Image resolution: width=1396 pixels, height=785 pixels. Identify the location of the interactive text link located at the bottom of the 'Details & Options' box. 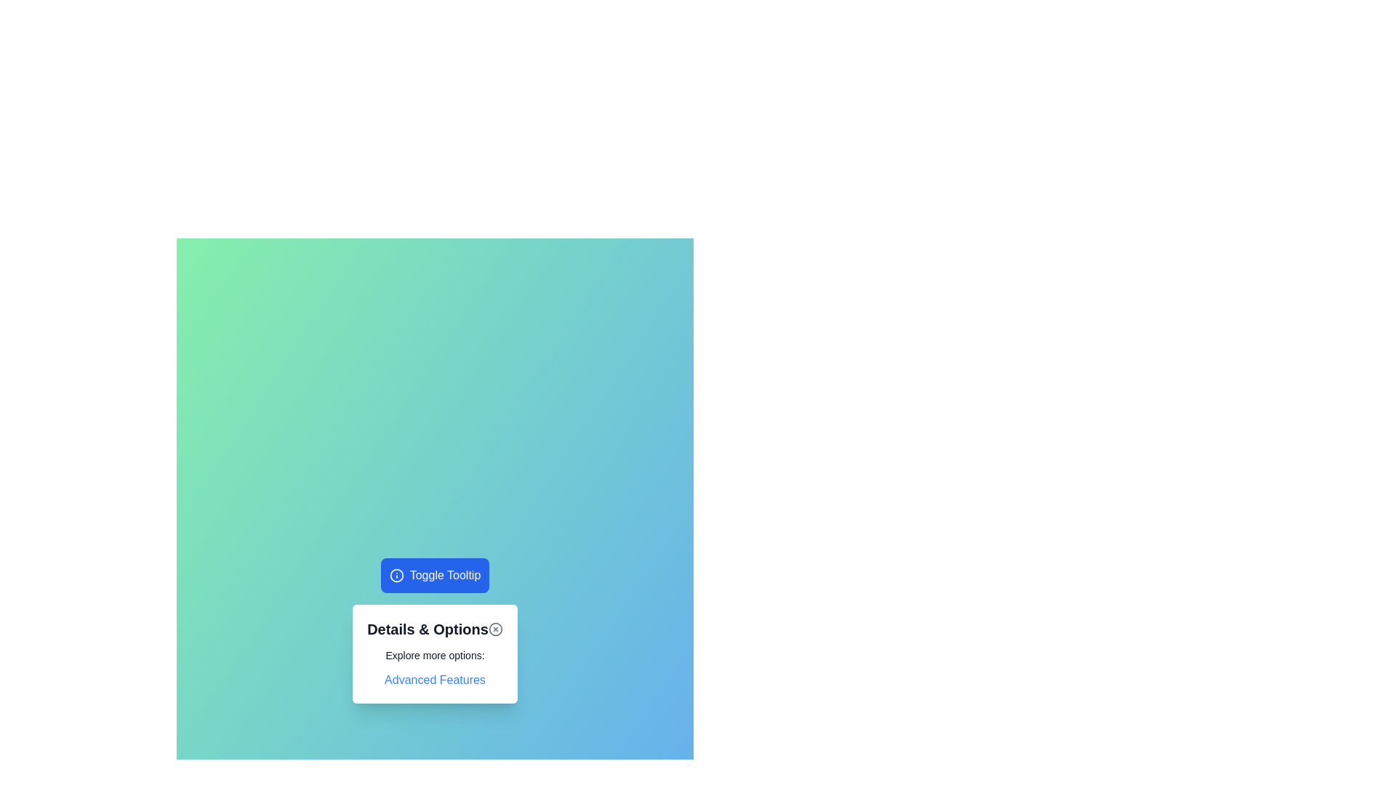
(434, 680).